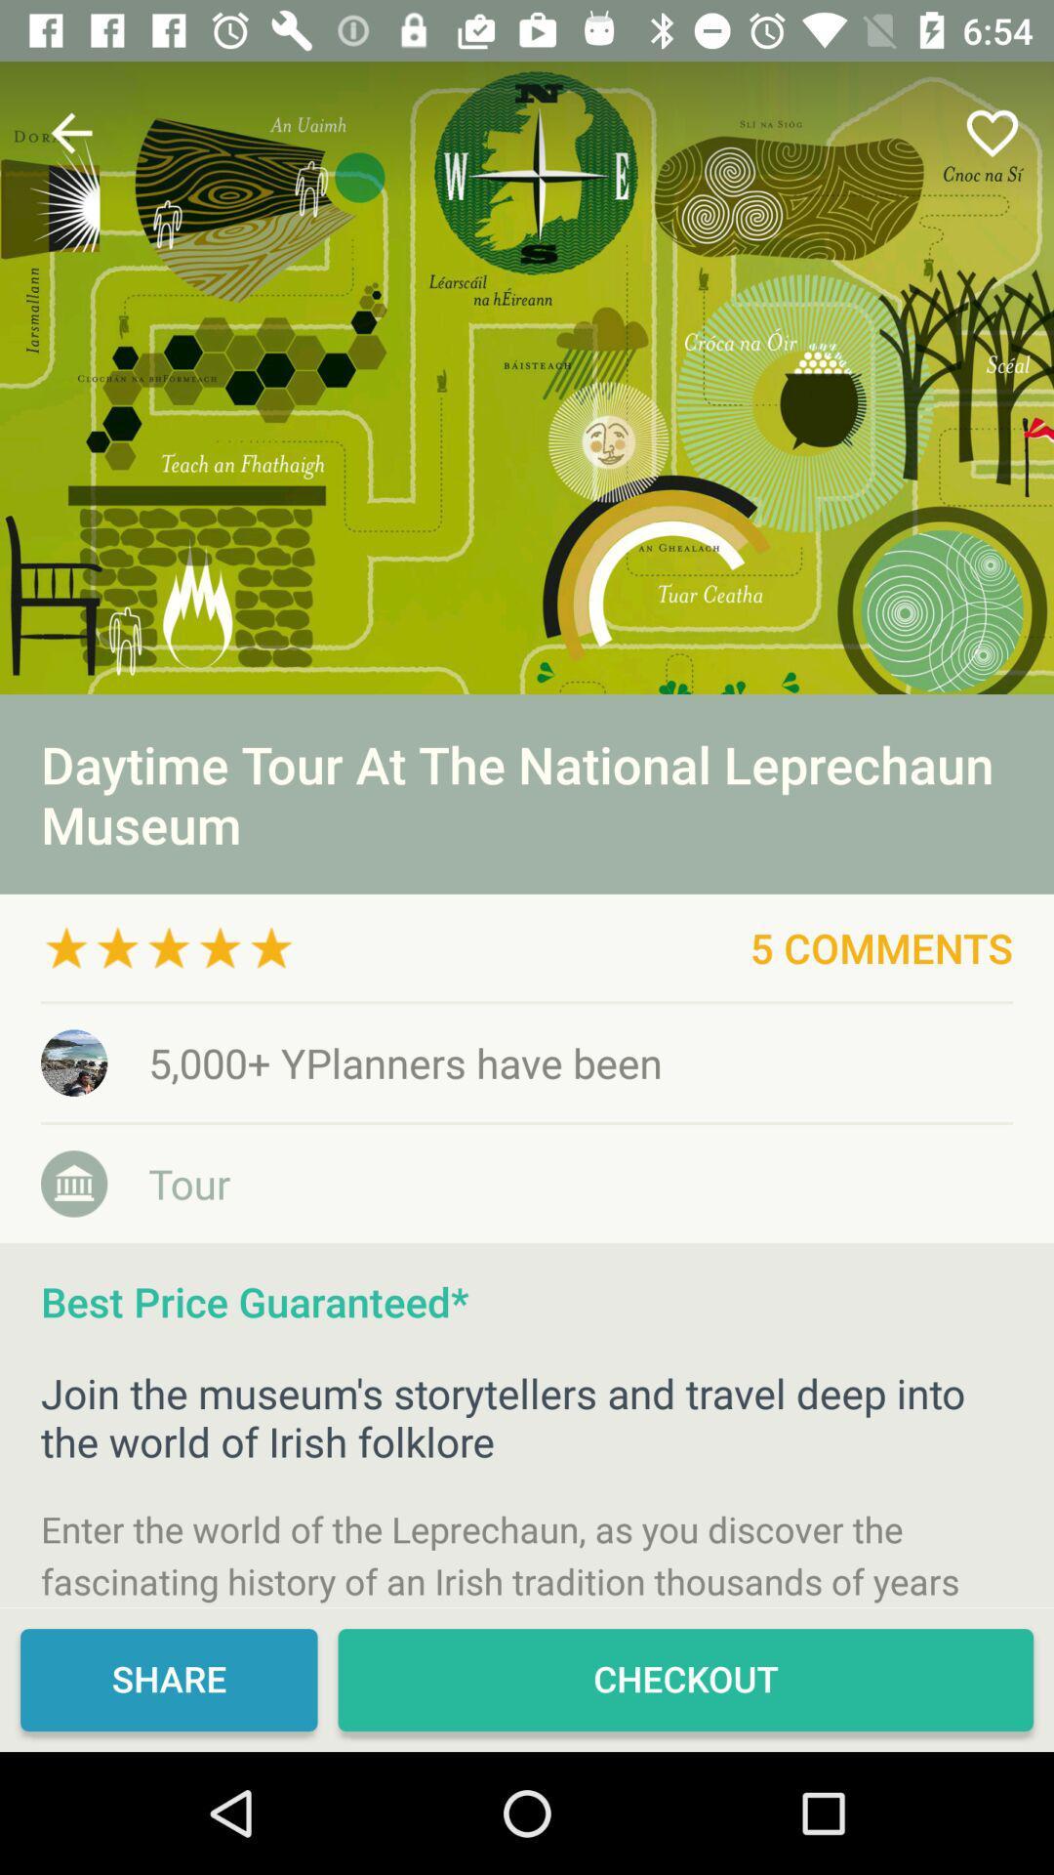 Image resolution: width=1054 pixels, height=1875 pixels. I want to click on the icon above daytime tour at item, so click(70, 132).